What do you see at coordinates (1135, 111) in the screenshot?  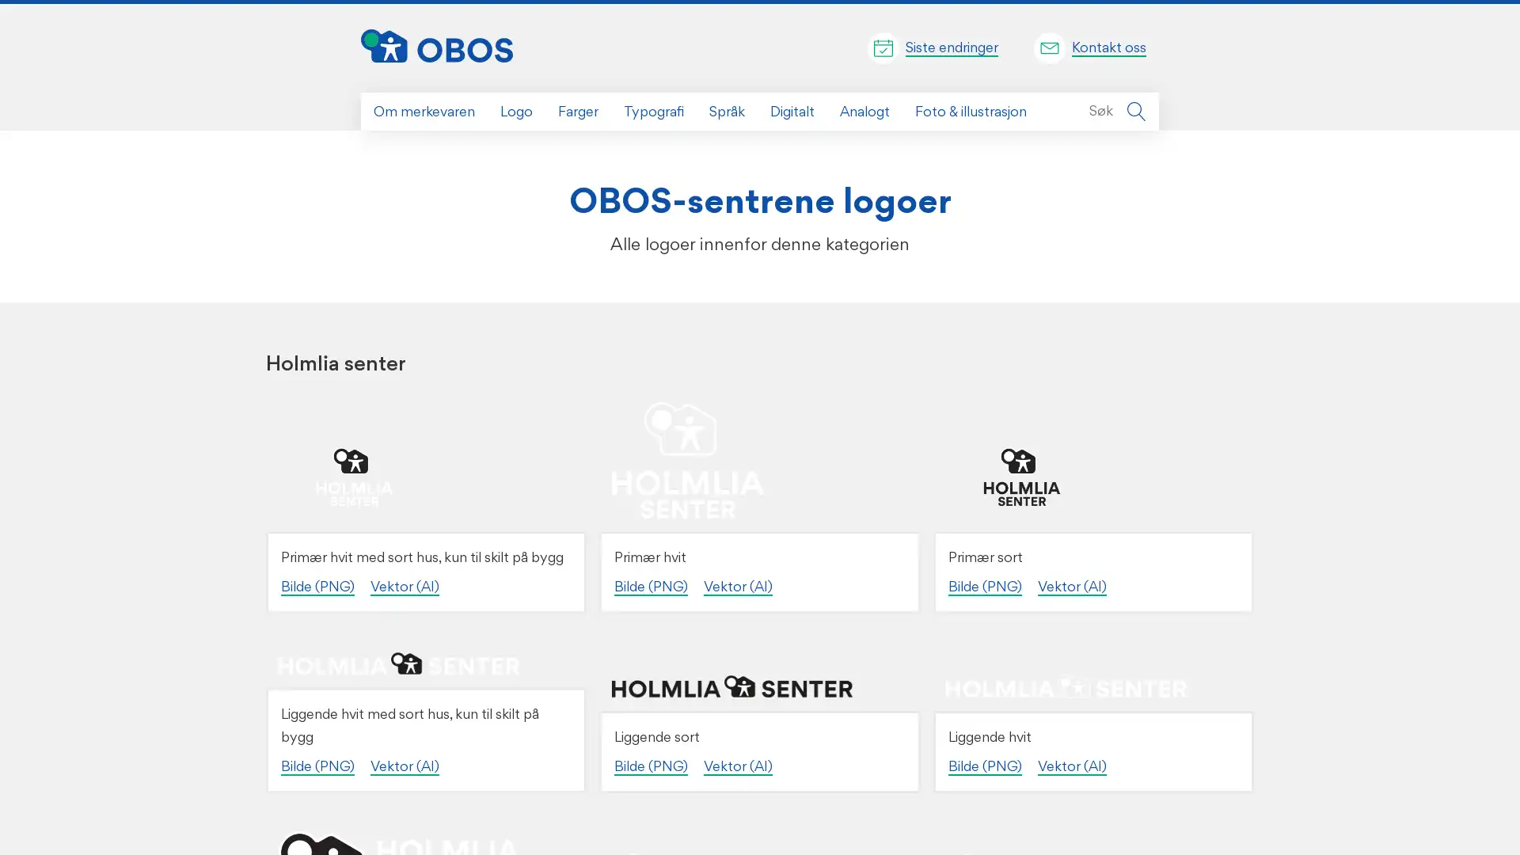 I see `Sk` at bounding box center [1135, 111].